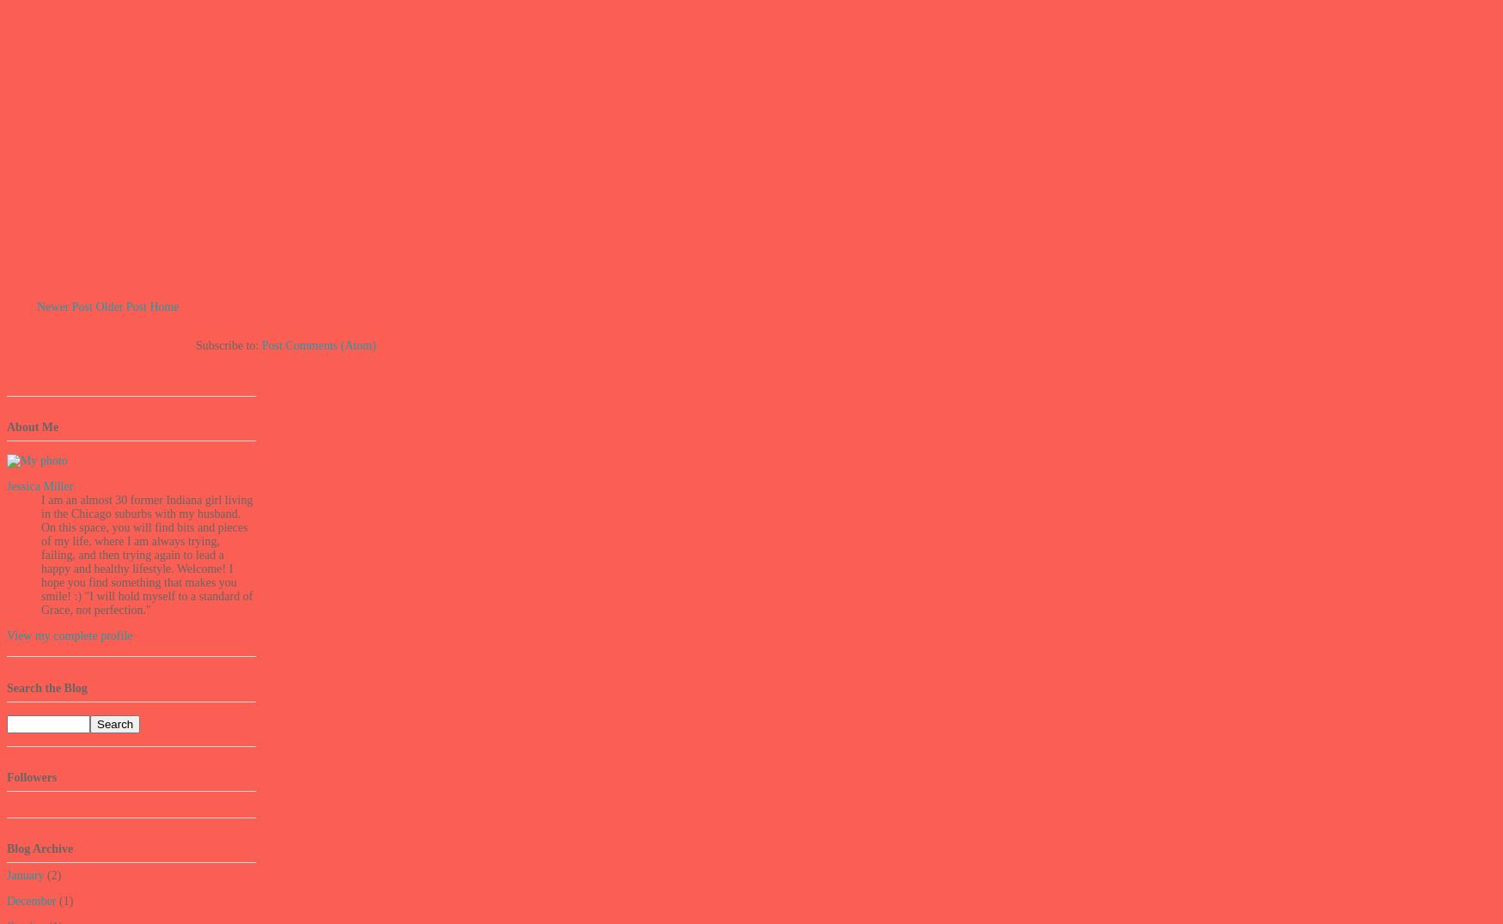 This screenshot has height=924, width=1503. I want to click on 'December', so click(30, 901).